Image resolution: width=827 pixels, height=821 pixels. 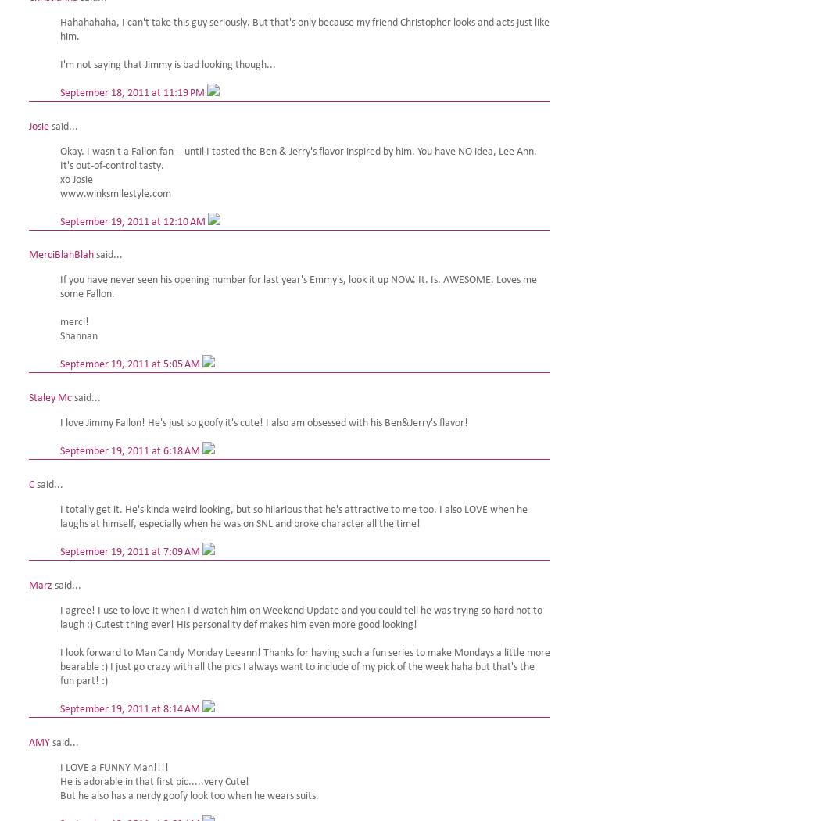 What do you see at coordinates (263, 423) in the screenshot?
I see `'I love Jimmy Fallon! He's just so goofy it's cute! I also am obsessed with his Ben&Jerry's flavor!'` at bounding box center [263, 423].